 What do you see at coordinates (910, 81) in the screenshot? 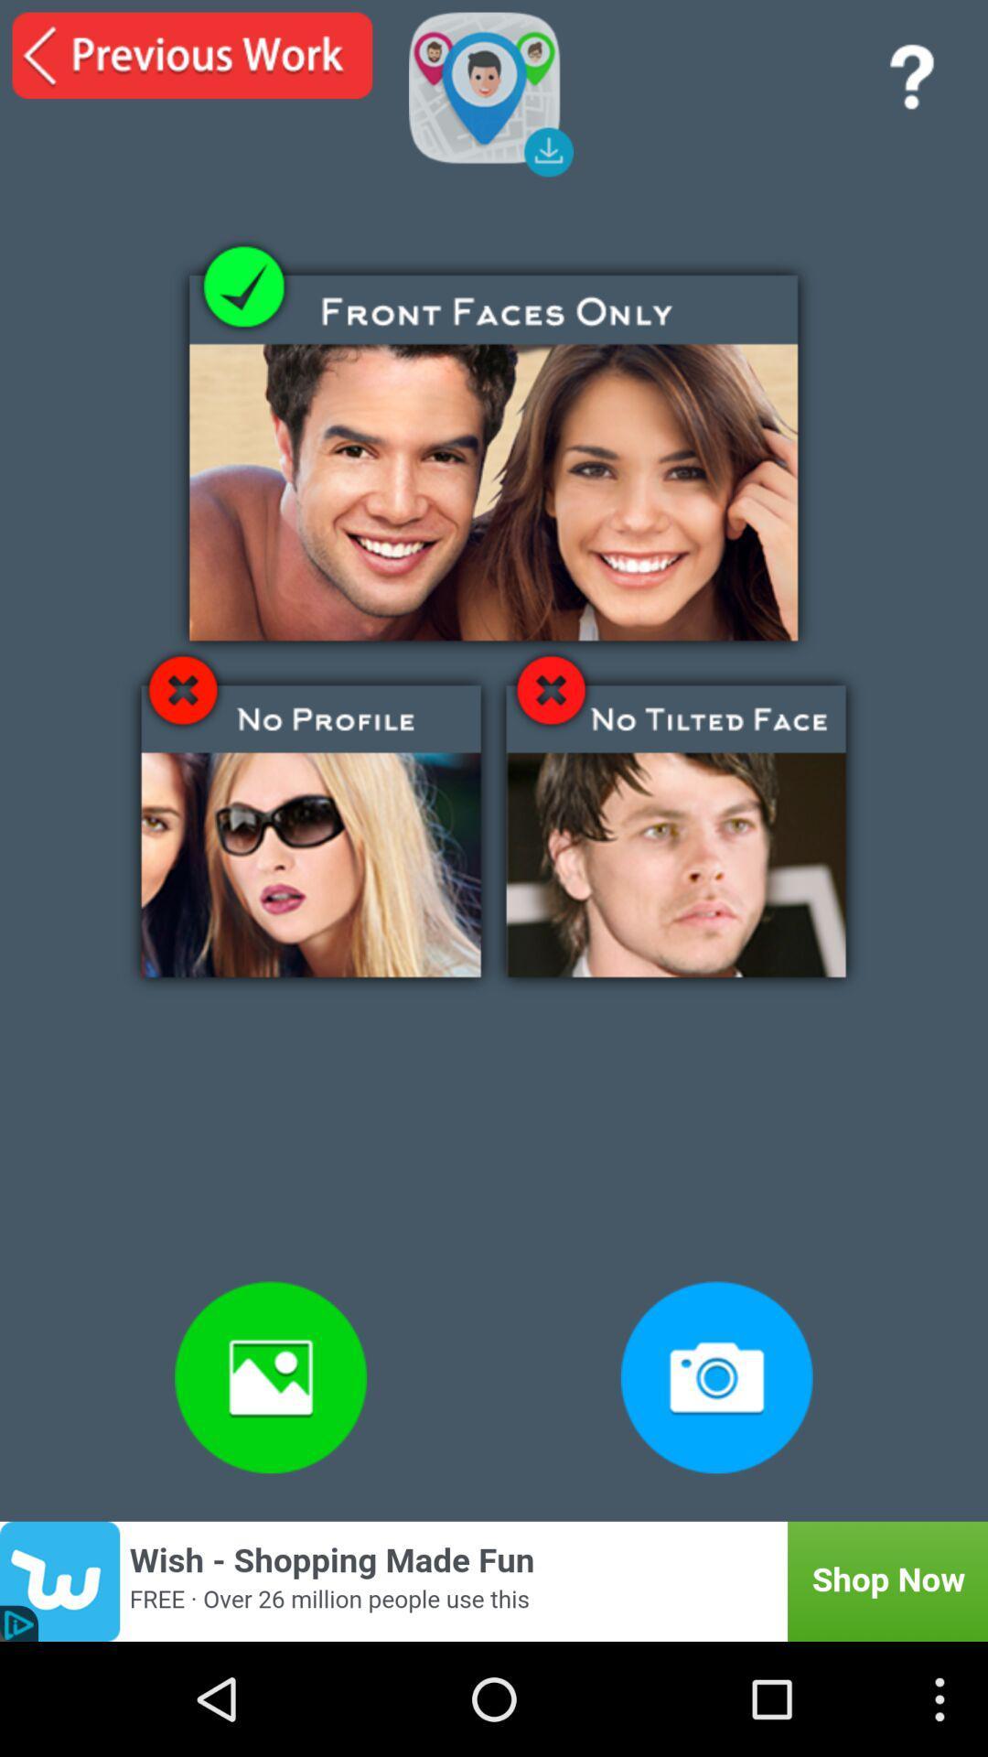
I see `the help icon` at bounding box center [910, 81].